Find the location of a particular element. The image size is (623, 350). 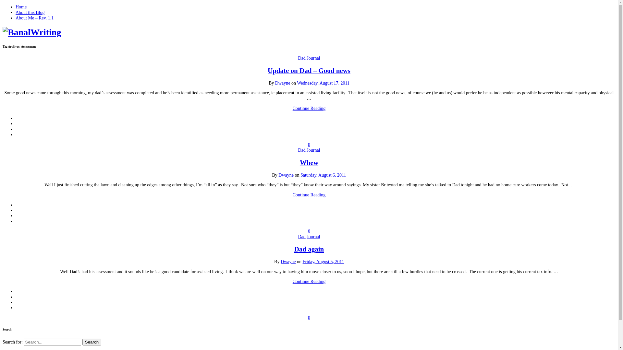

'Dad again' is located at coordinates (309, 249).